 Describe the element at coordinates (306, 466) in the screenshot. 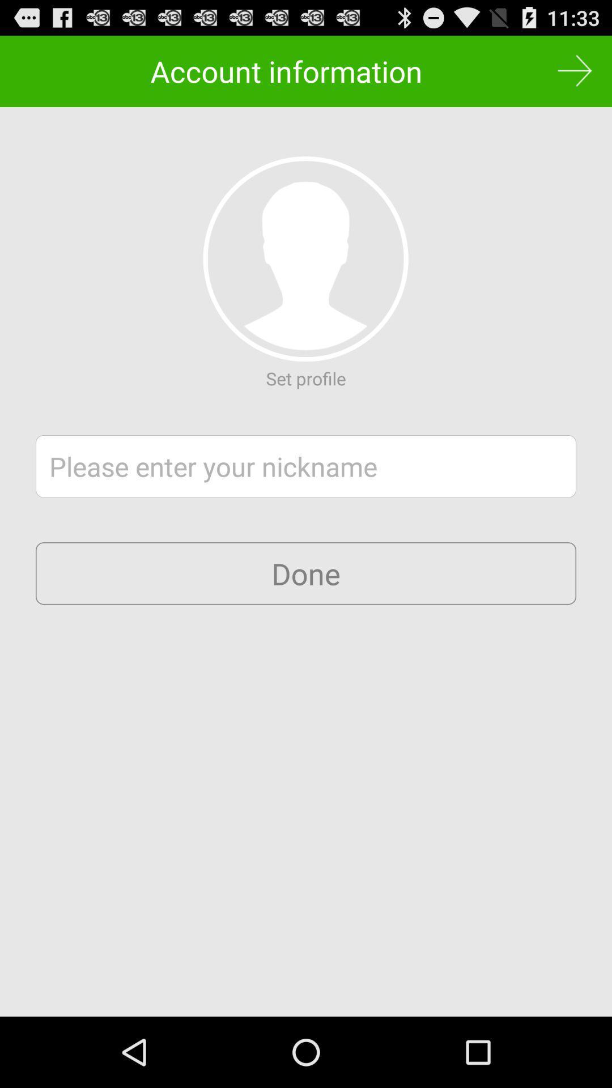

I see `nickname` at that location.